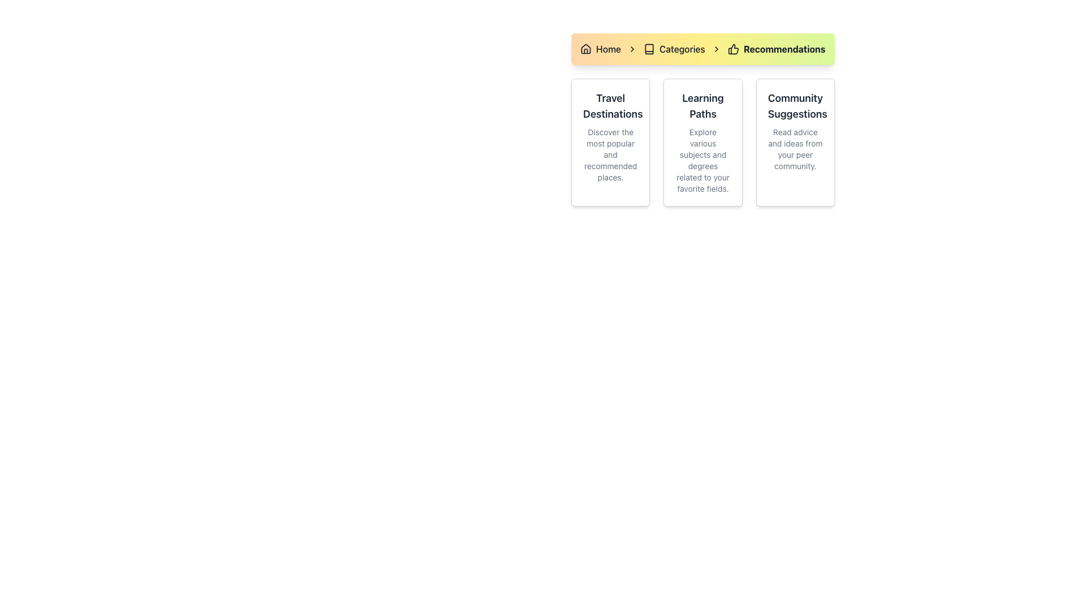 The image size is (1086, 611). I want to click on the Breadcrumb Link at the top left of the interface, so click(600, 49).